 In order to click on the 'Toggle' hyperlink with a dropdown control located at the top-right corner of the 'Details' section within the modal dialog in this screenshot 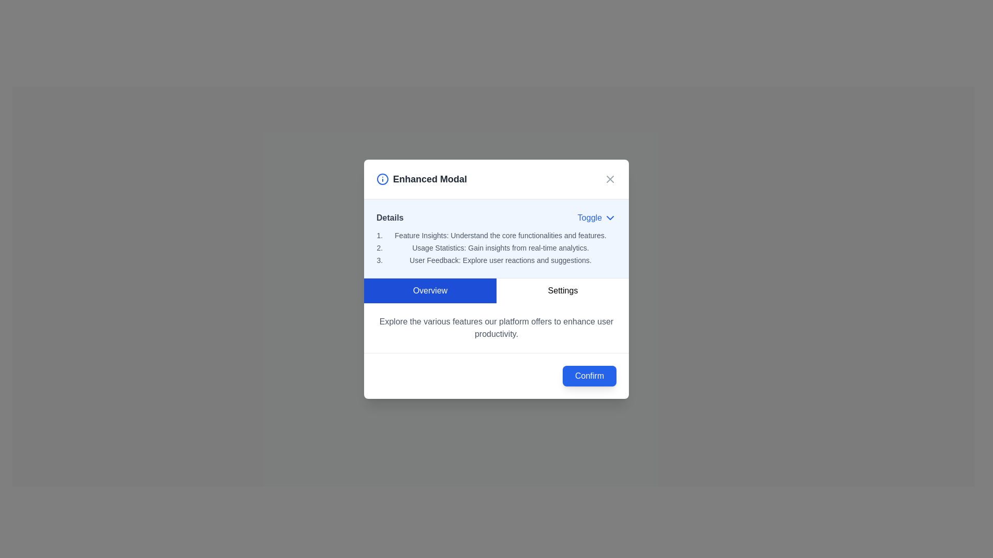, I will do `click(597, 217)`.